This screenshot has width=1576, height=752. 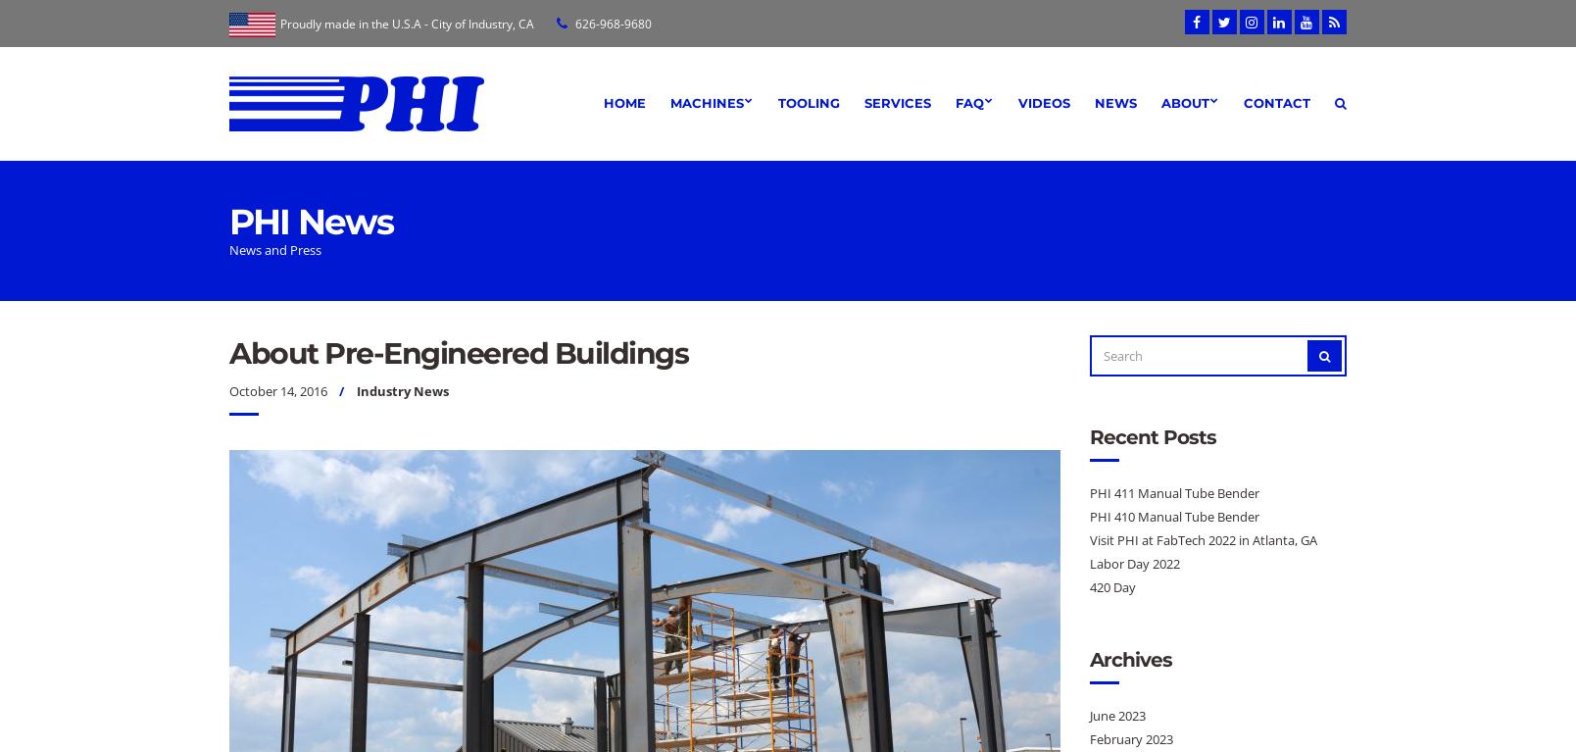 I want to click on 'Archives', so click(x=1087, y=658).